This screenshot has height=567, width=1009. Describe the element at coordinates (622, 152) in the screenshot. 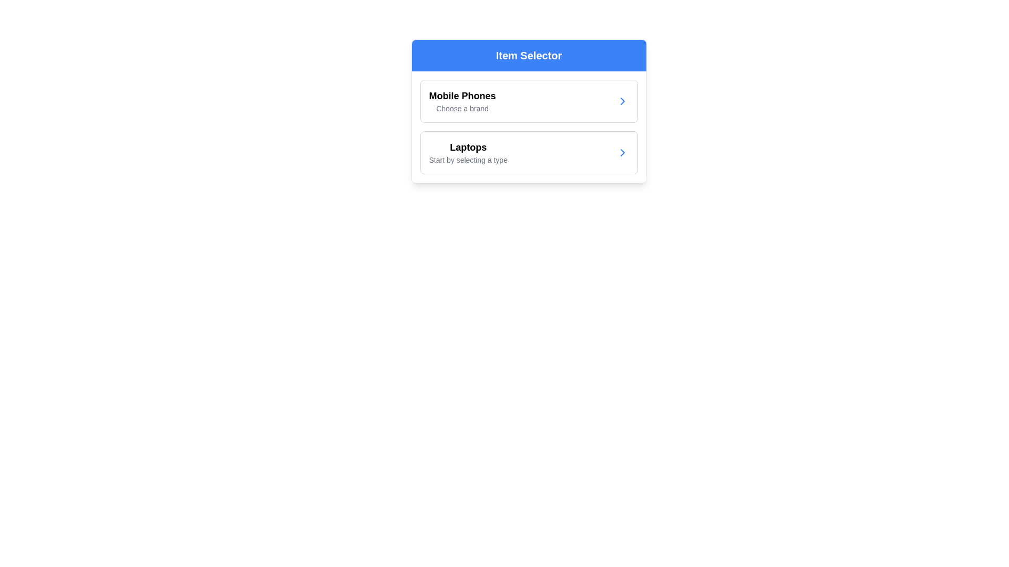

I see `the arrow icon located on the far right of the second row labeled 'Laptops' in the menu` at that location.